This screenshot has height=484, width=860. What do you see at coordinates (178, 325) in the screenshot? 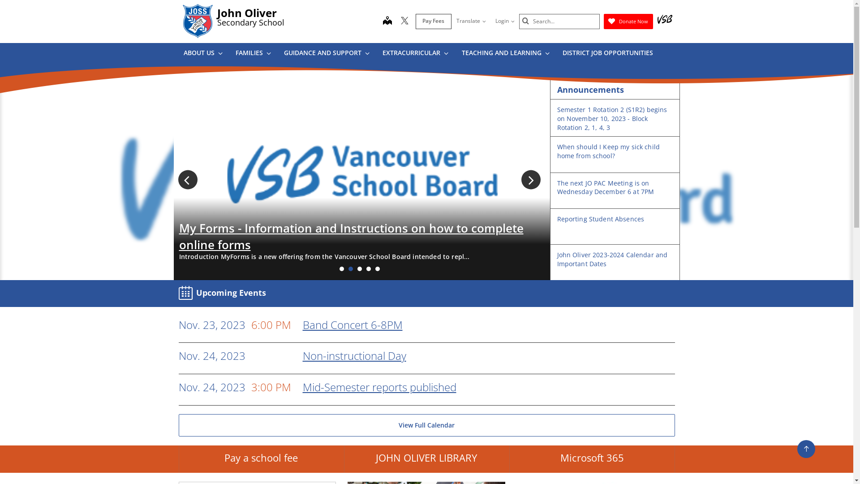
I see `'Nov. 23, 2023'` at bounding box center [178, 325].